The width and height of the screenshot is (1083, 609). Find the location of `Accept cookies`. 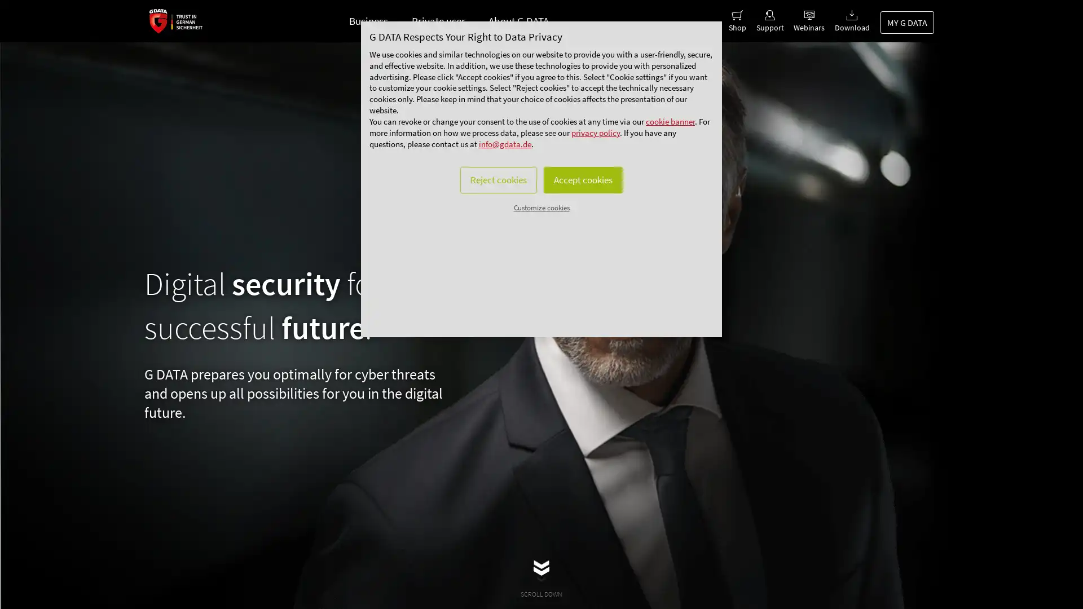

Accept cookies is located at coordinates (590, 223).